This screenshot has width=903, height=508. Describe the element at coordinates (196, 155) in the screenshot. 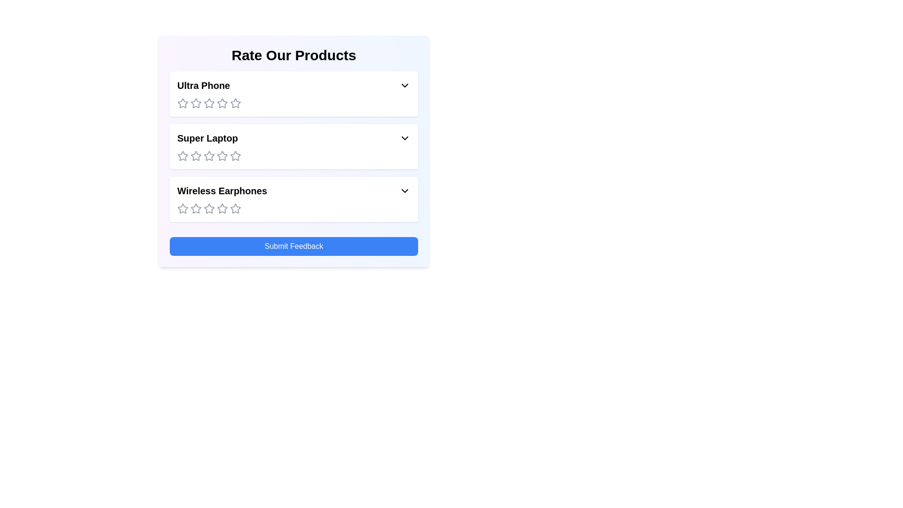

I see `the rating for the product 'Super Laptop' to 2 stars` at that location.